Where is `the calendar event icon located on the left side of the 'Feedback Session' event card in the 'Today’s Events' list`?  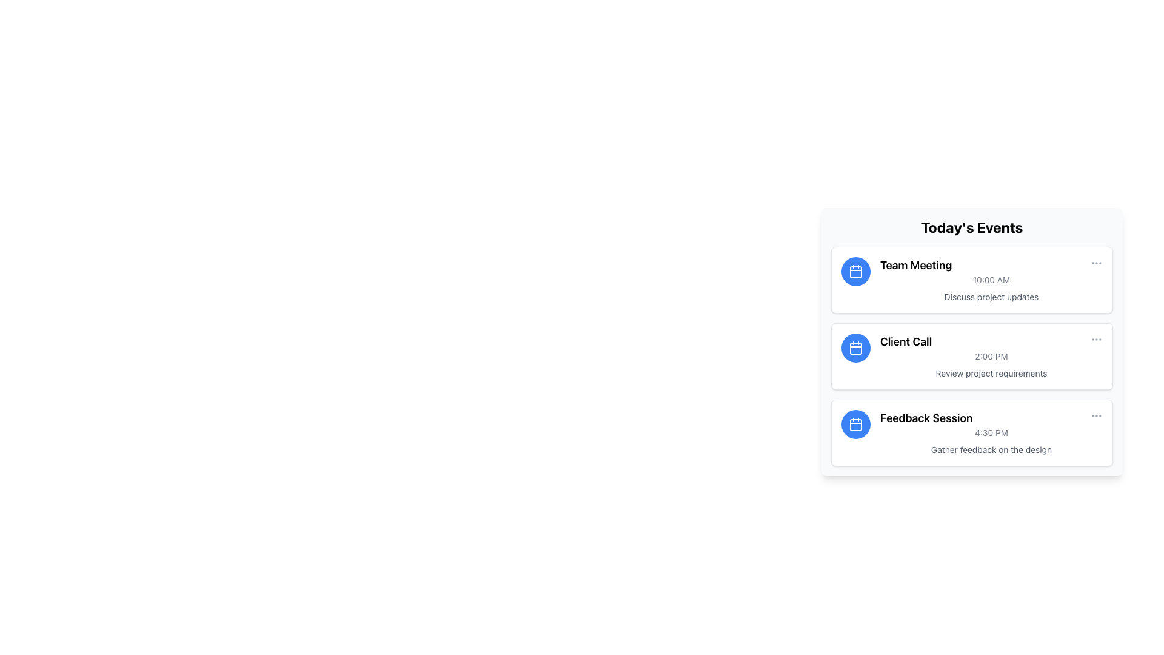
the calendar event icon located on the left side of the 'Feedback Session' event card in the 'Today’s Events' list is located at coordinates (855, 423).